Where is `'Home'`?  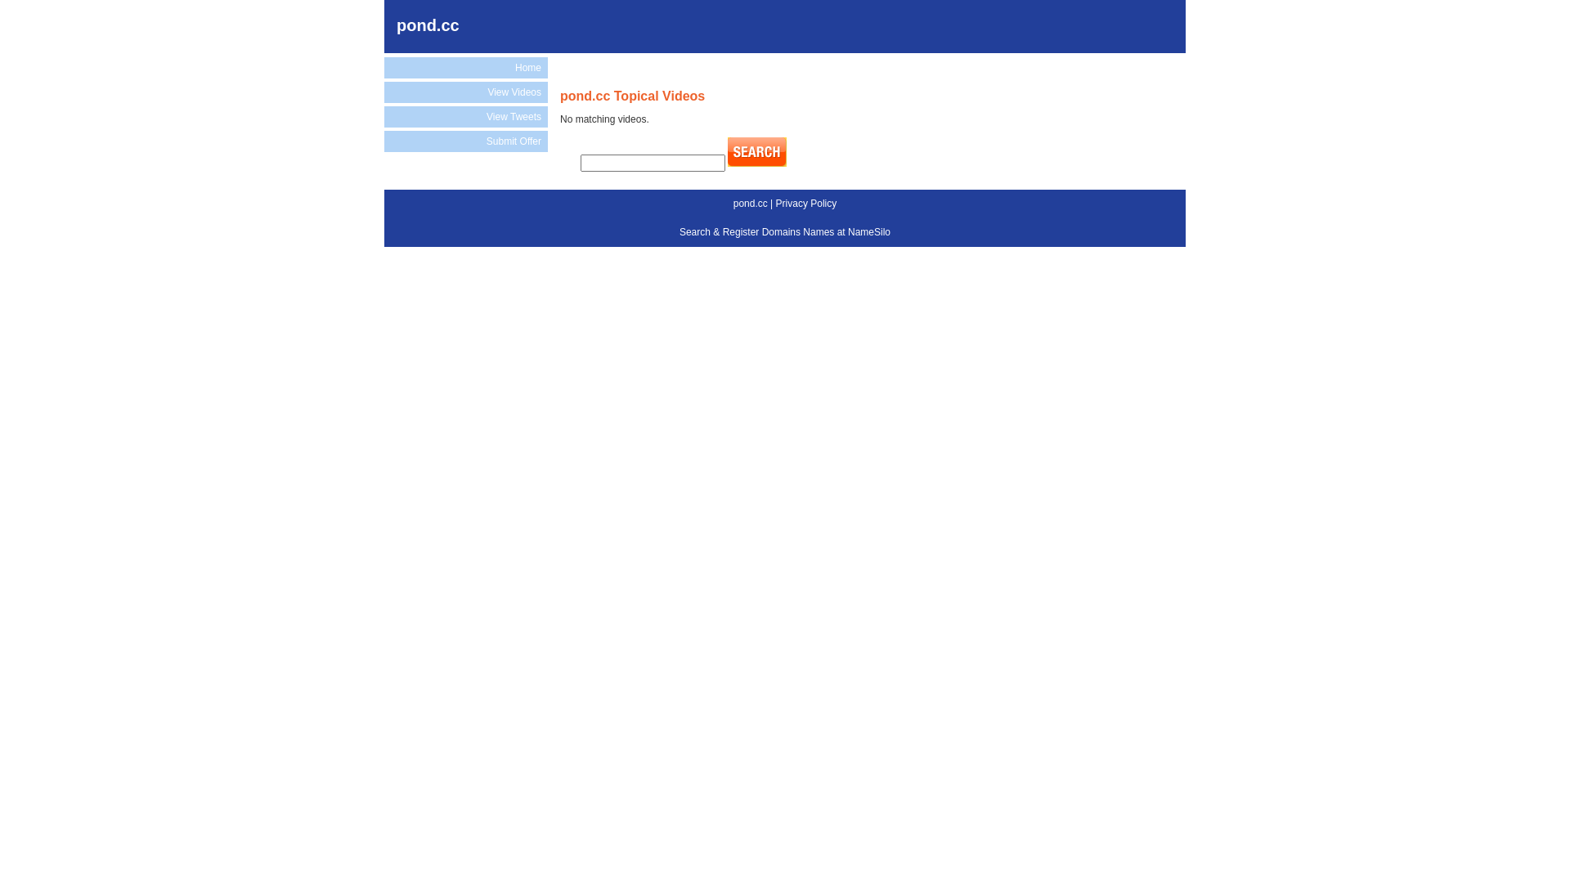
'Home' is located at coordinates (465, 67).